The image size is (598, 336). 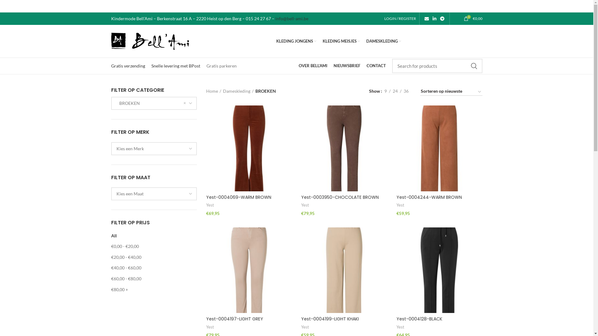 What do you see at coordinates (291, 18) in the screenshot?
I see `'info@bell-ami.be'` at bounding box center [291, 18].